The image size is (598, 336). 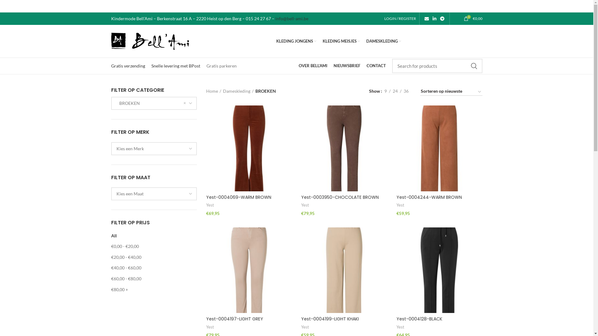 What do you see at coordinates (291, 18) in the screenshot?
I see `'info@bell-ami.be'` at bounding box center [291, 18].